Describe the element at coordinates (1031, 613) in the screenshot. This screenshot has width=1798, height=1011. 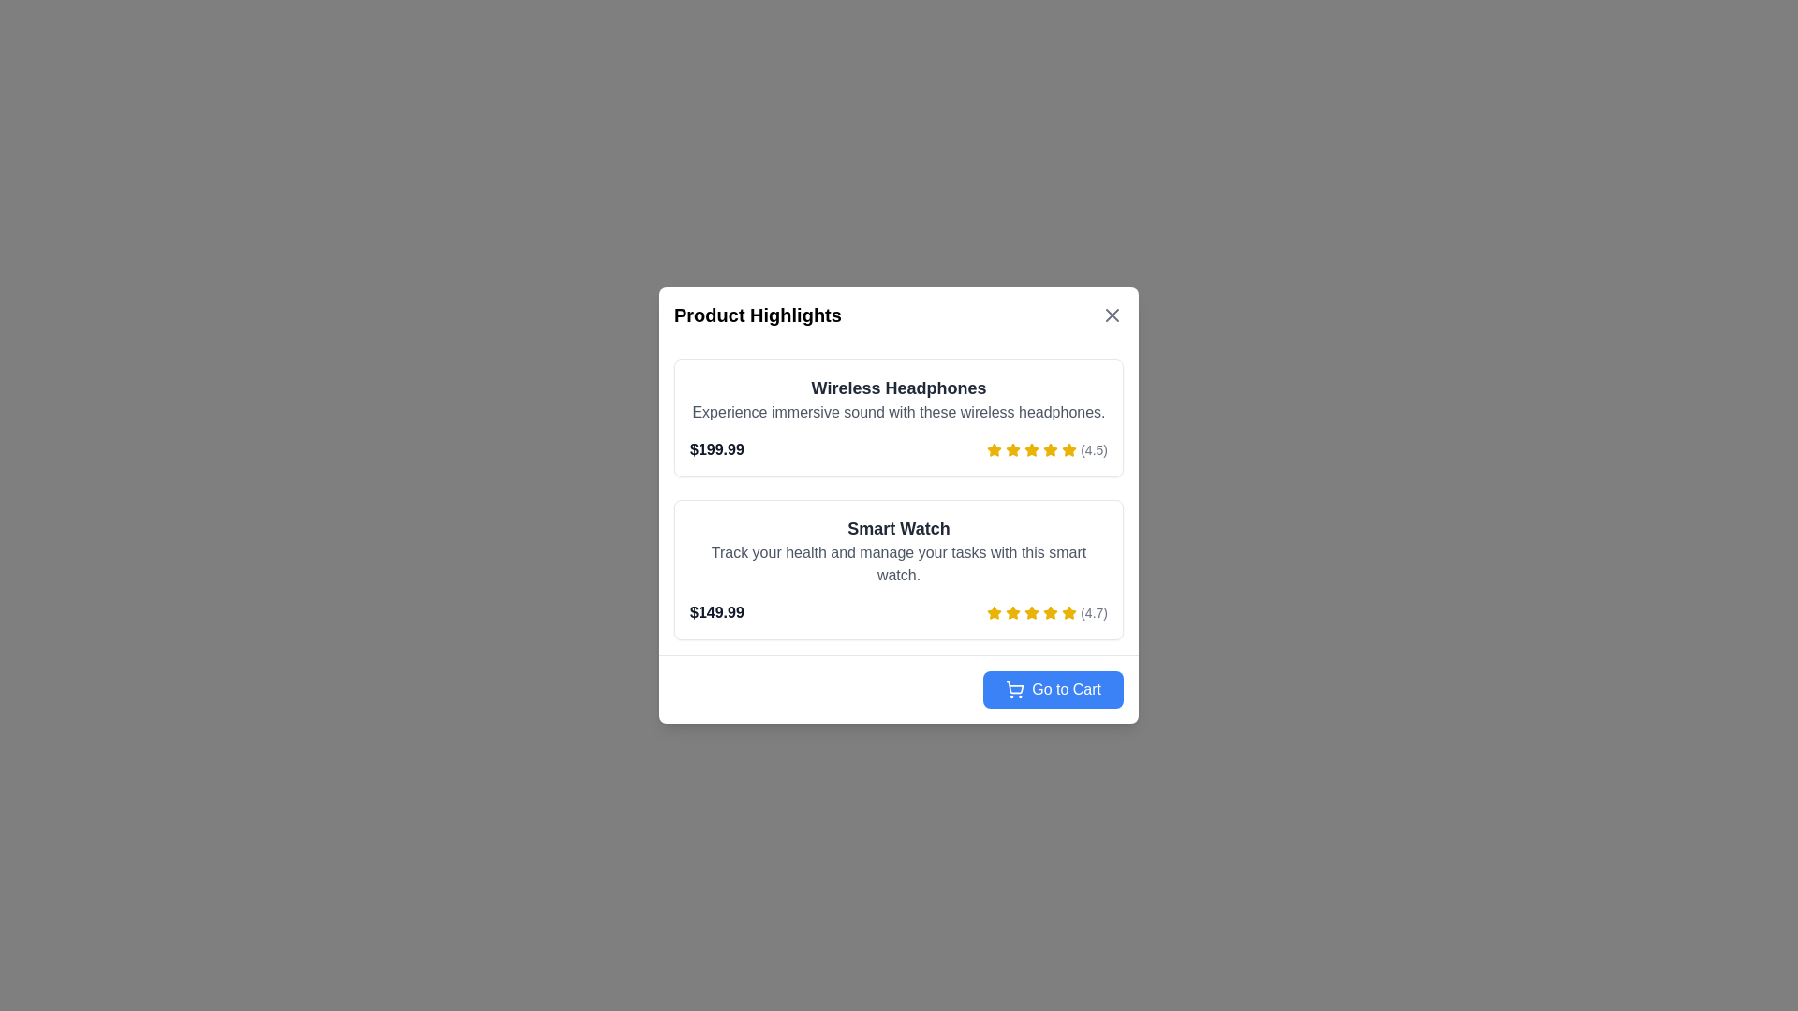
I see `the fifth star-shaped icon in the rating display, which is yellow and located next to the text '(4.7)' for the product 'Smart Watch'` at that location.